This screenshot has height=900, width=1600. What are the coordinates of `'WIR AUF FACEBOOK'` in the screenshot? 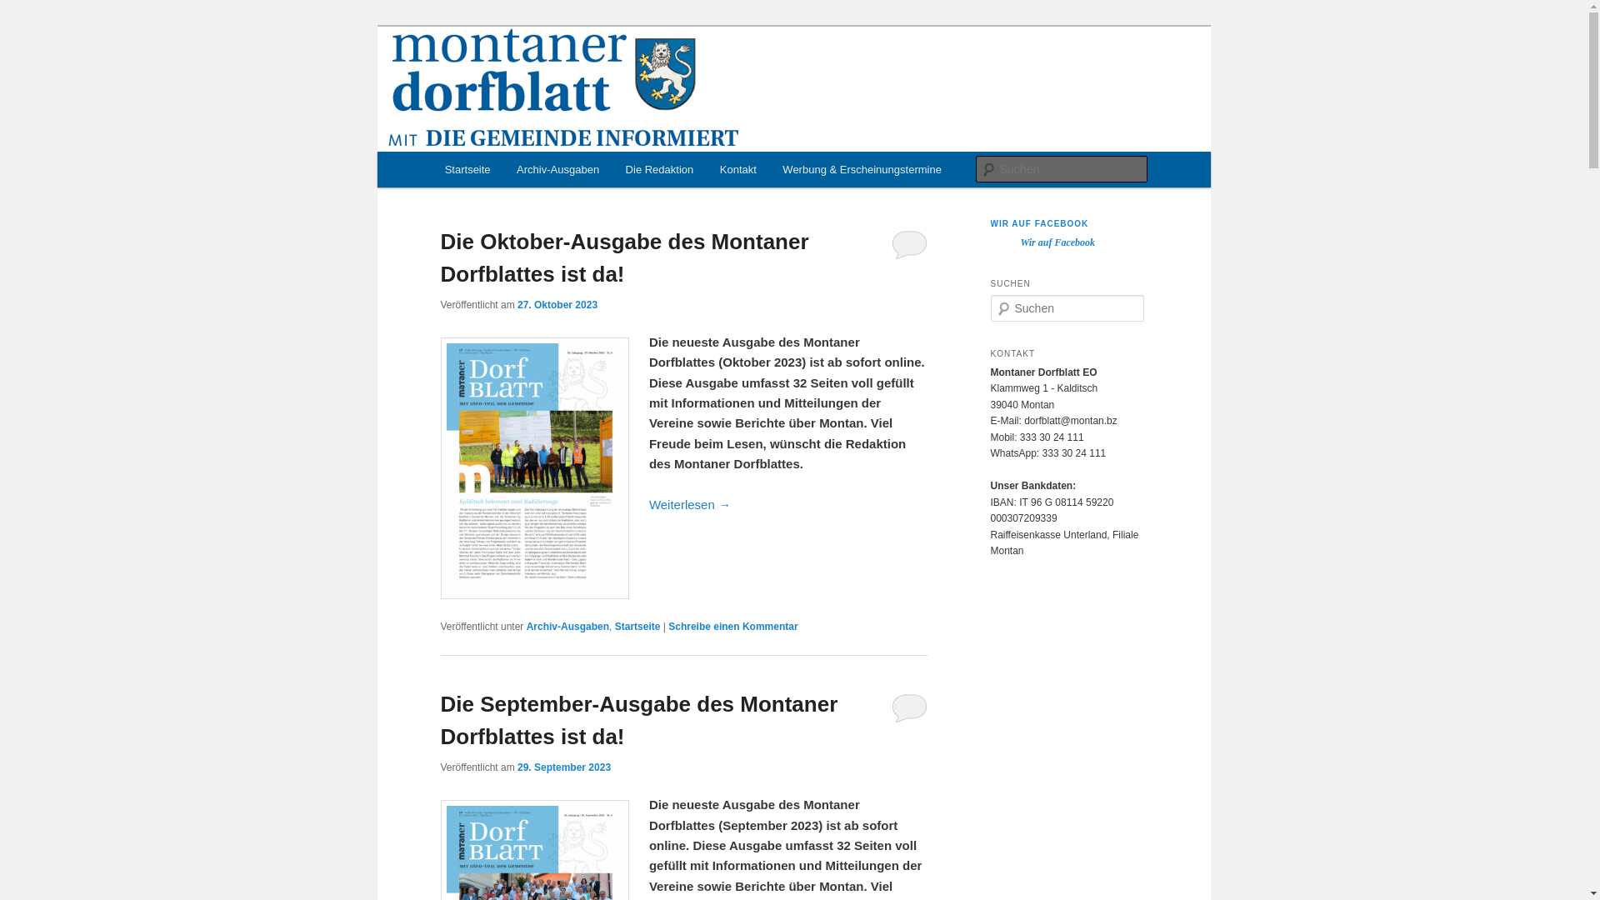 It's located at (1038, 222).